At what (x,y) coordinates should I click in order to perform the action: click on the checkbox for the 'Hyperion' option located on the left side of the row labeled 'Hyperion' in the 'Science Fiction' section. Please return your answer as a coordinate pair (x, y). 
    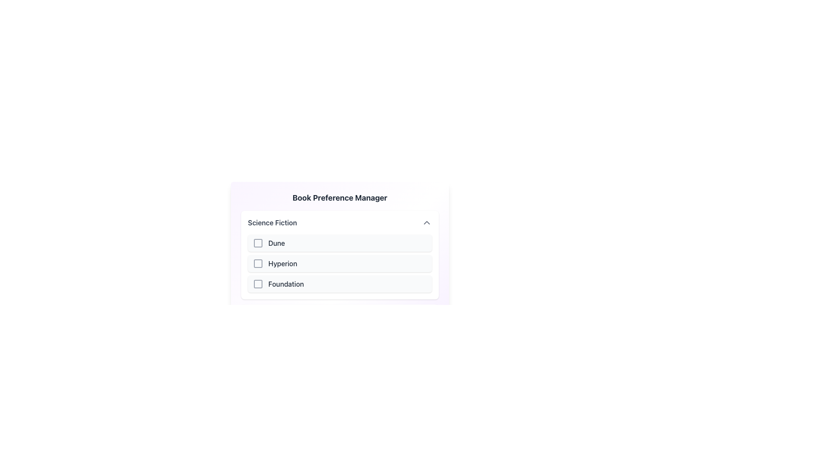
    Looking at the image, I should click on (257, 263).